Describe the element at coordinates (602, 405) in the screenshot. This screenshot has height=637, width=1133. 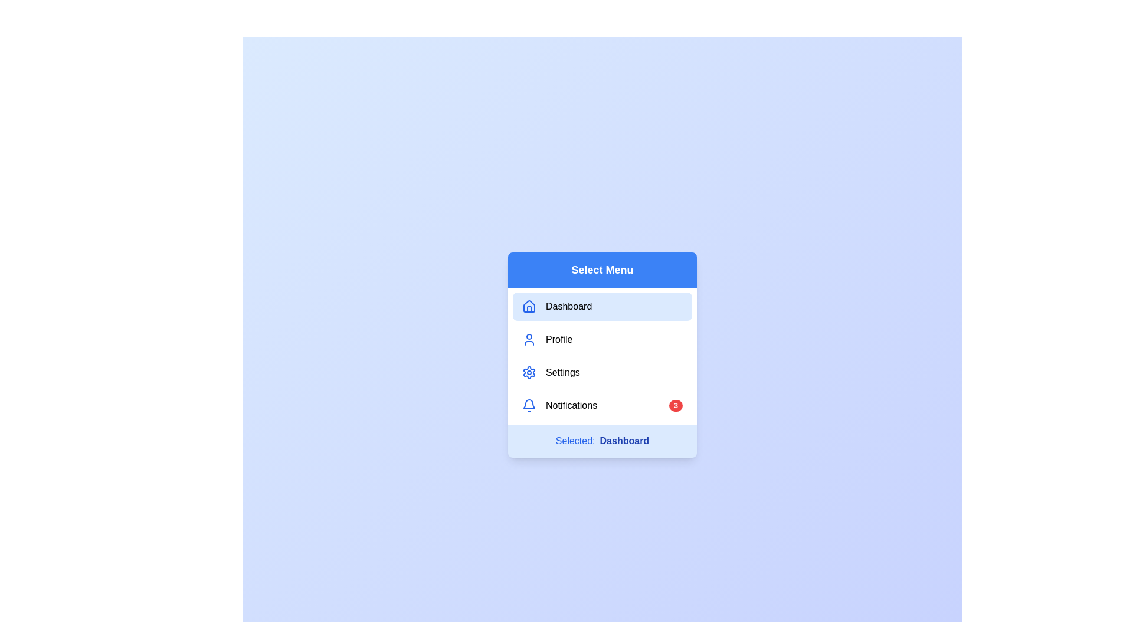
I see `the menu item Notifications to see its hover effect` at that location.